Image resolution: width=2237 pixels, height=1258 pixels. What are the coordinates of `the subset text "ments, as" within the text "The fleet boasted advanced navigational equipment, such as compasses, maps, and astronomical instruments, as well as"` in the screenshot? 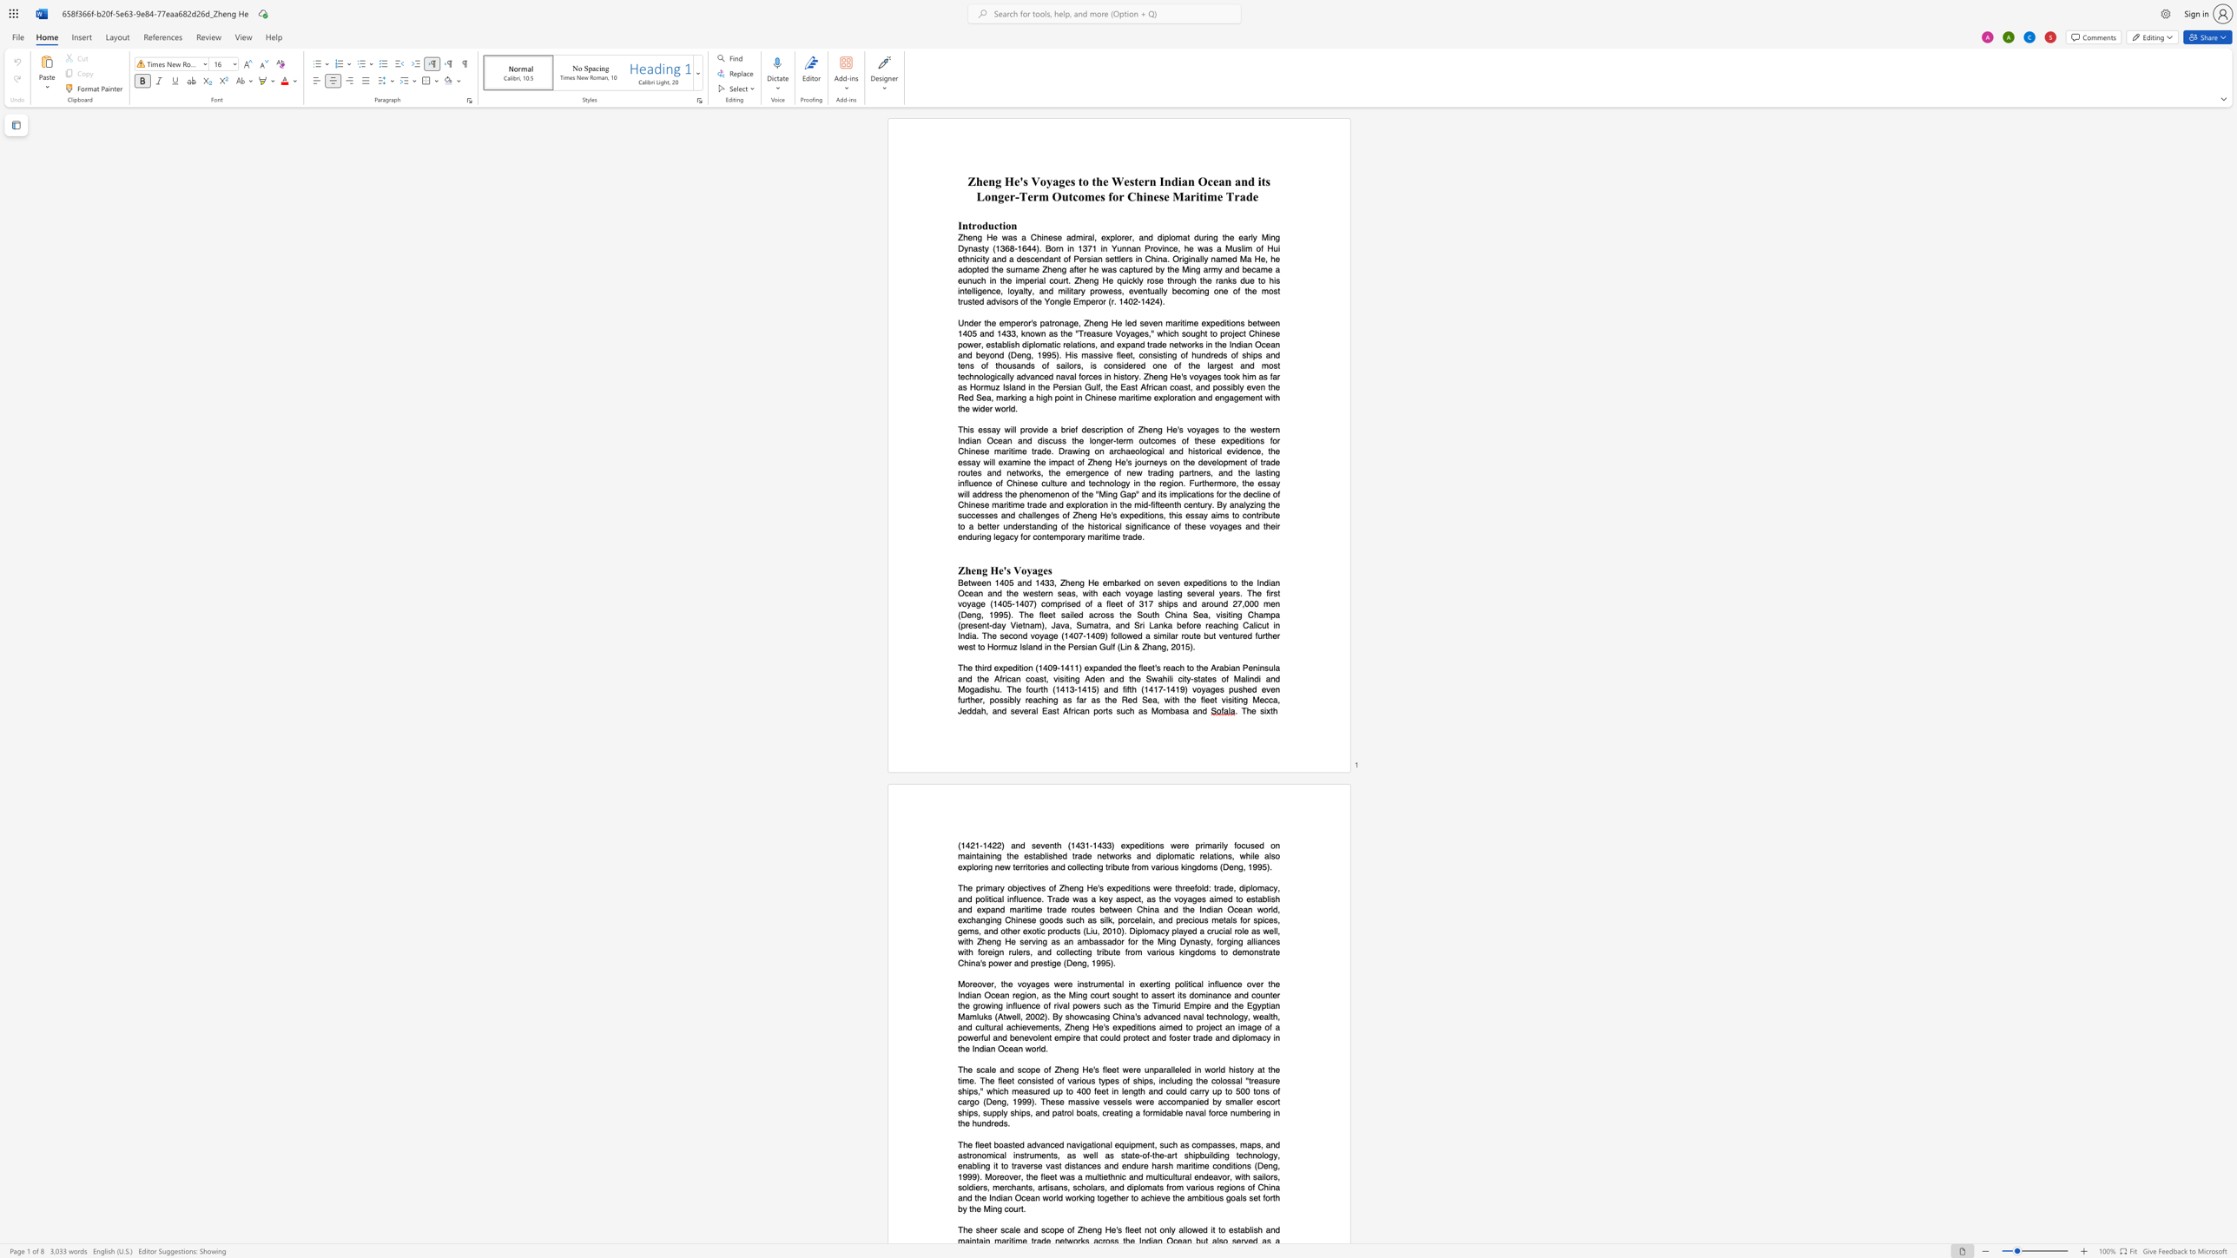 It's located at (1034, 1154).